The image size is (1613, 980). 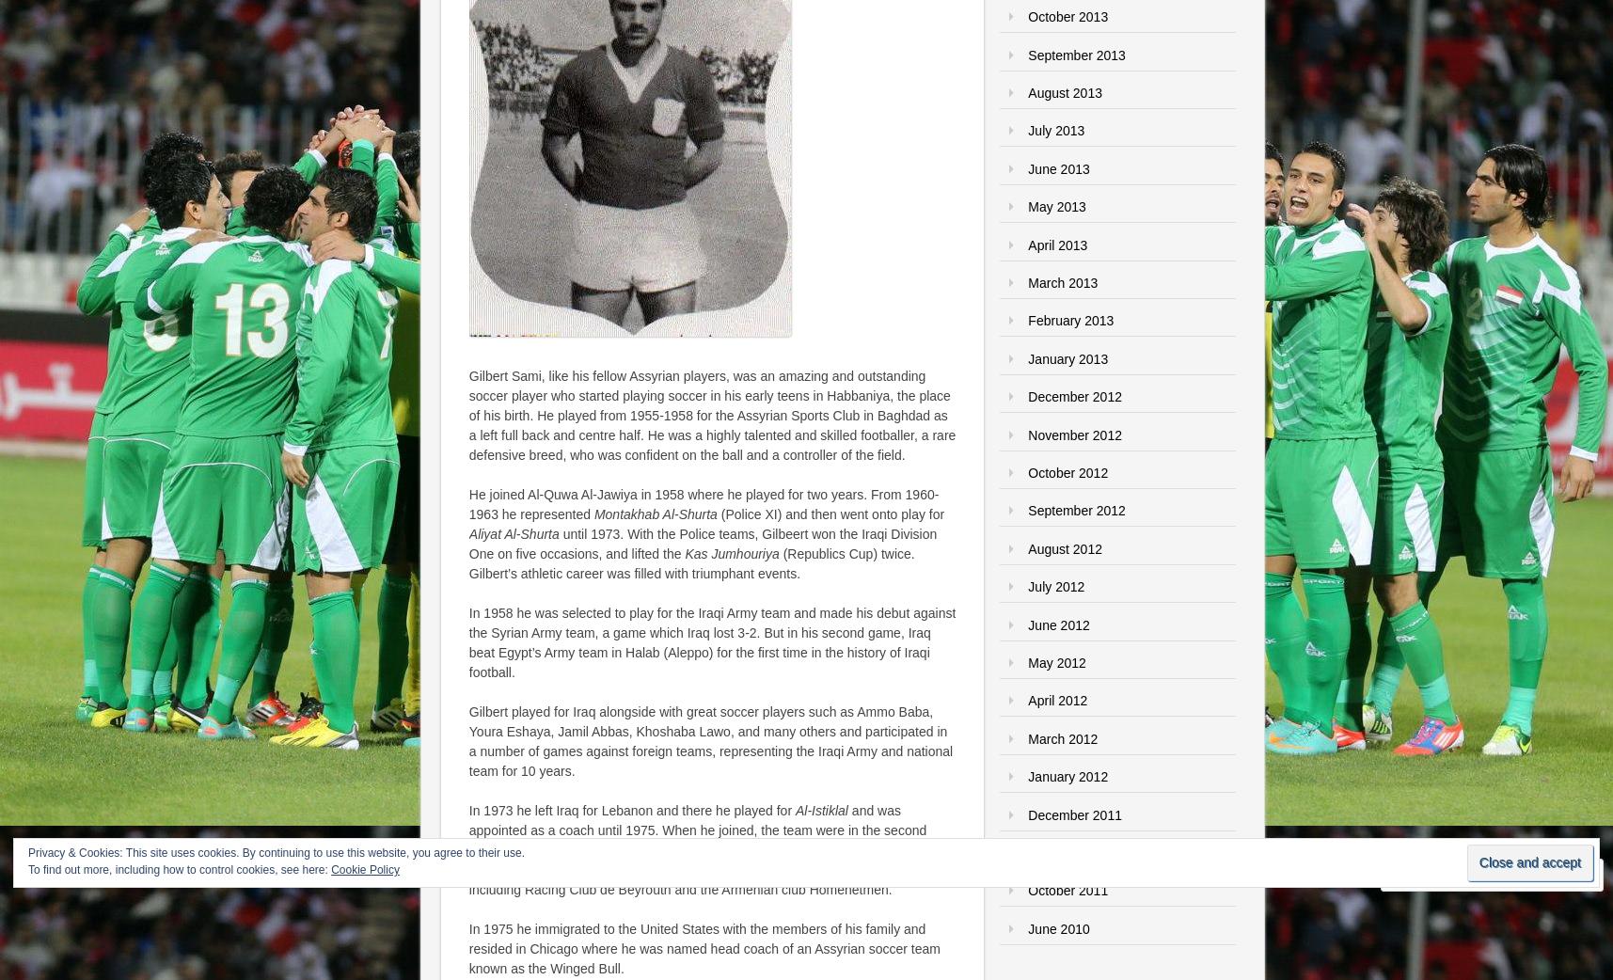 What do you see at coordinates (793, 810) in the screenshot?
I see `'Al-Istiklal'` at bounding box center [793, 810].